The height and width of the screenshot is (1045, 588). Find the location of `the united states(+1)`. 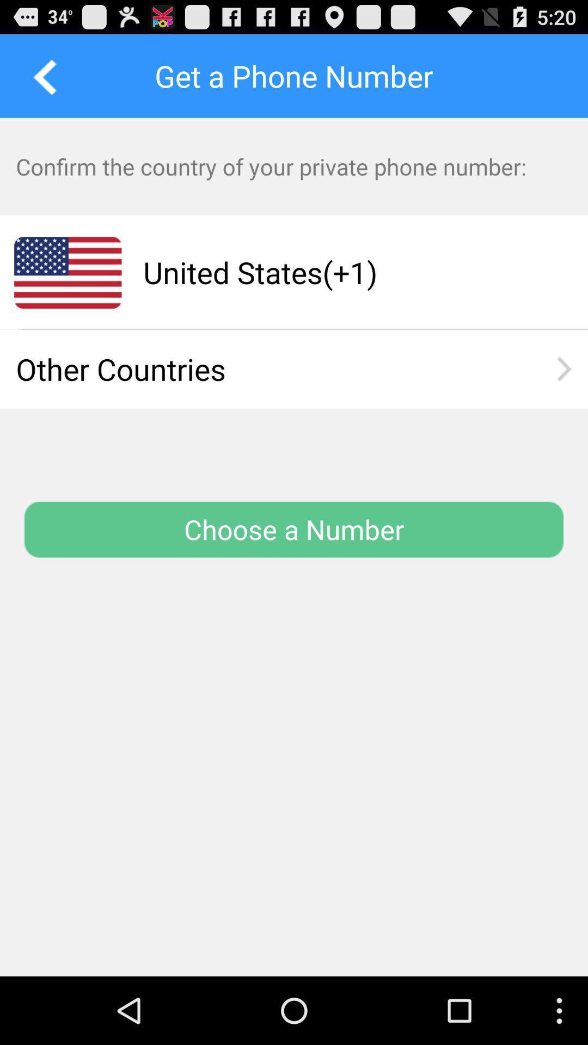

the united states(+1) is located at coordinates (345, 272).